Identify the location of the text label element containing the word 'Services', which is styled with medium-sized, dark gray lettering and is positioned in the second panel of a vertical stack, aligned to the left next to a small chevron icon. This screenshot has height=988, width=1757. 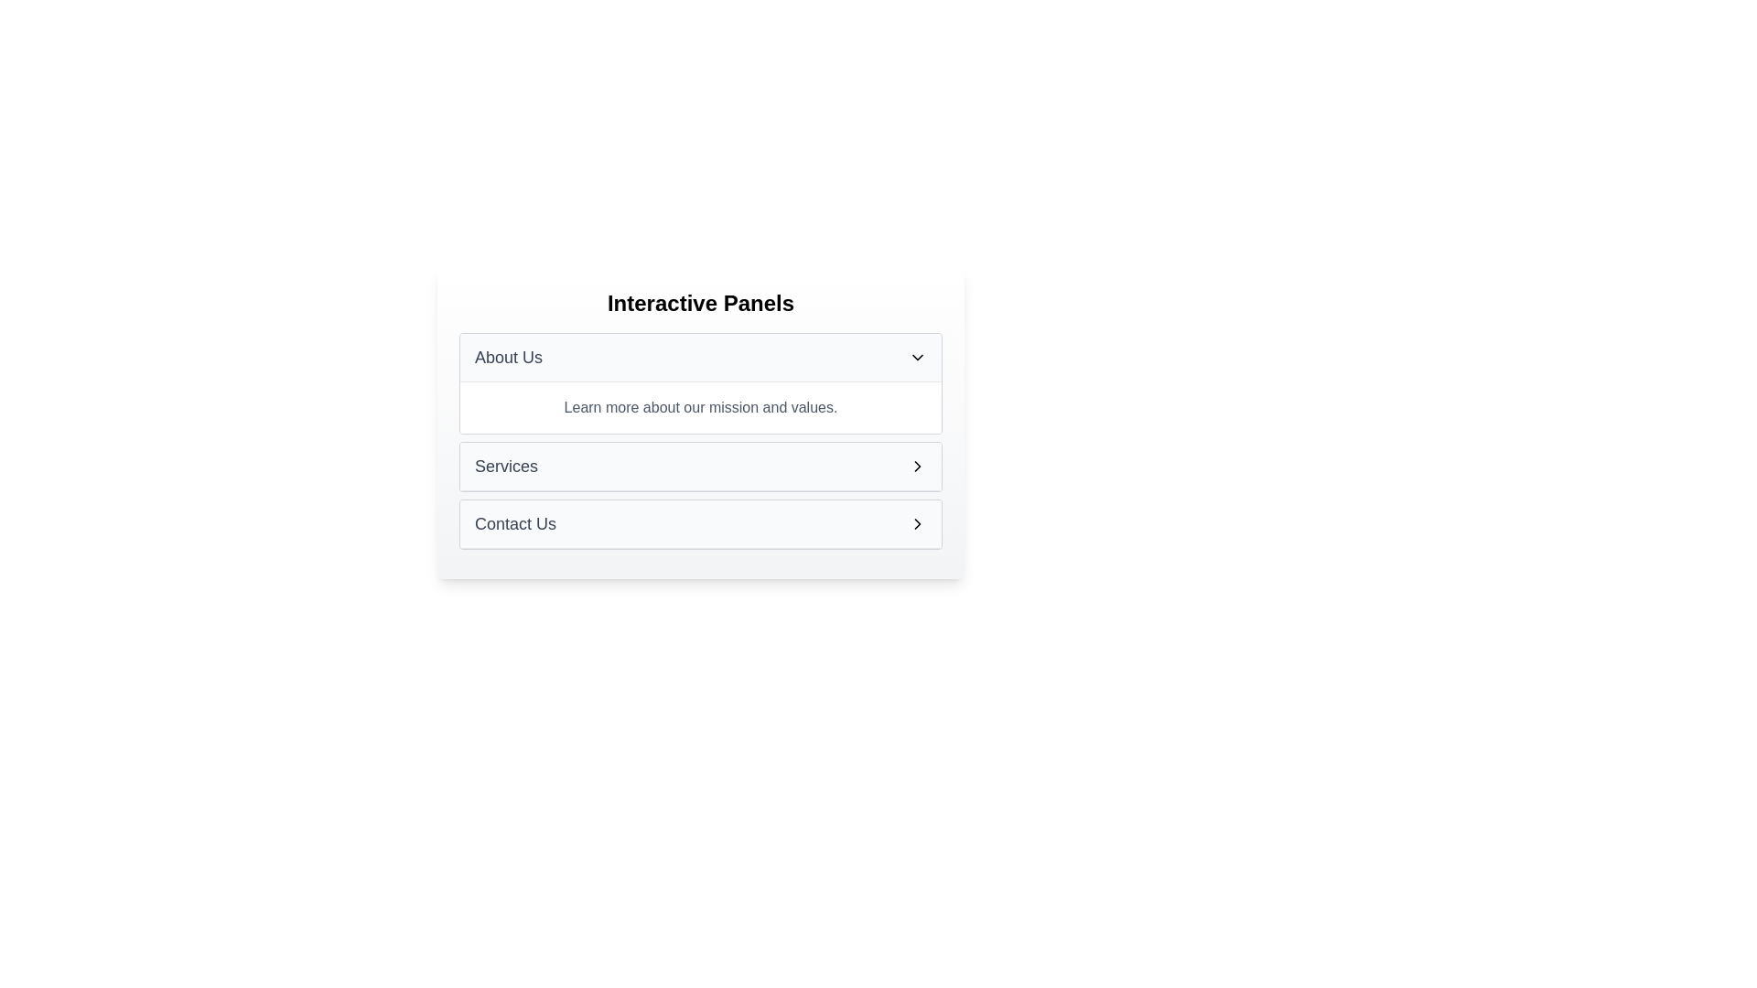
(506, 465).